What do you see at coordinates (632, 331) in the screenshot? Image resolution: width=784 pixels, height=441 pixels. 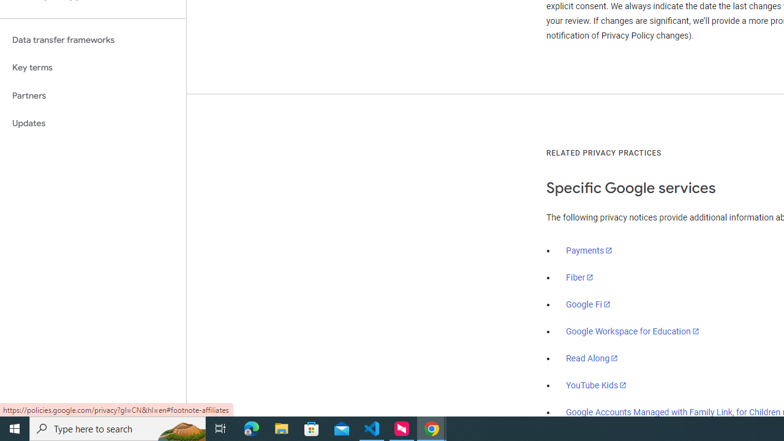 I see `'Google Workspace for Education'` at bounding box center [632, 331].